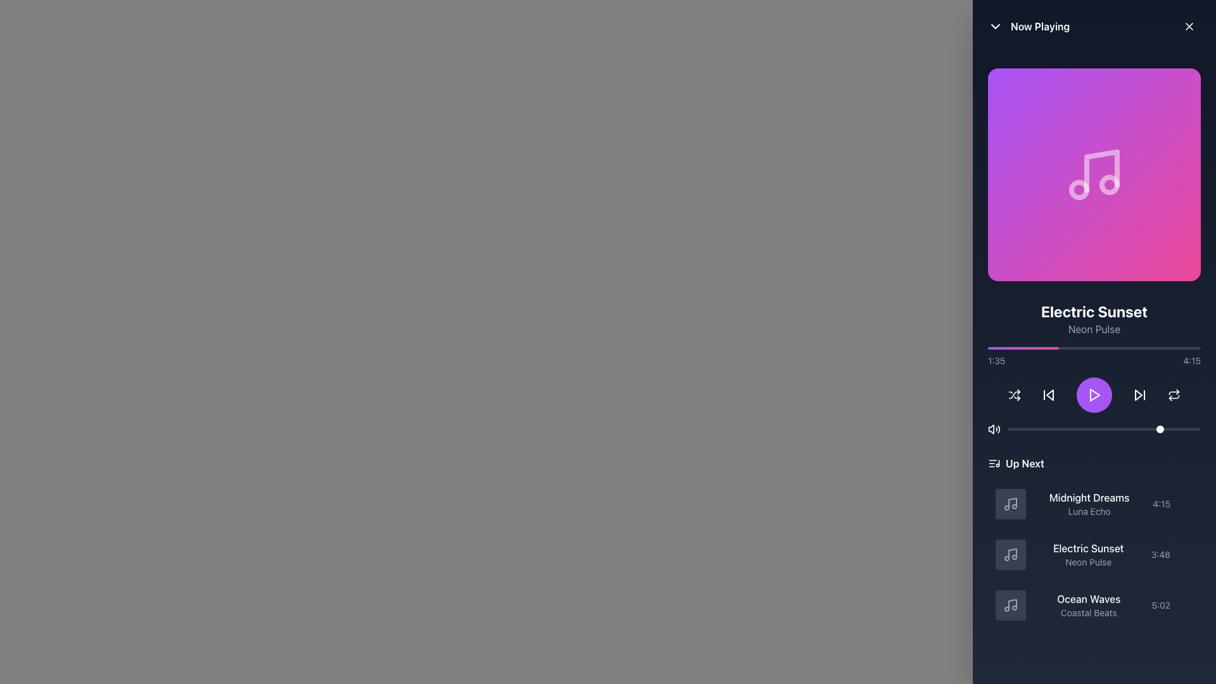 The height and width of the screenshot is (684, 1216). I want to click on the icon representing the song 'Midnight Dreams' by 'Luna Echo' in the playlist, located at the leftmost side of the entry, so click(1010, 503).